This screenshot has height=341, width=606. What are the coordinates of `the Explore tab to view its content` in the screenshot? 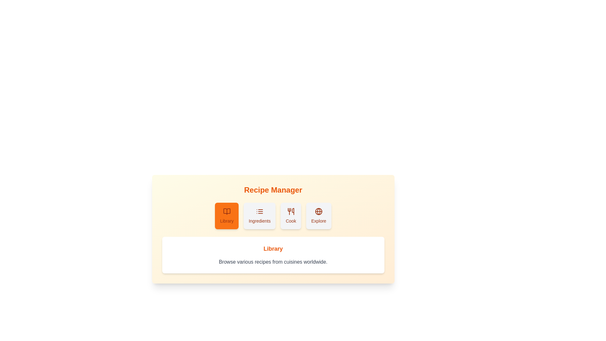 It's located at (318, 215).